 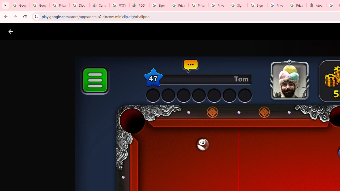 I want to click on 'PDD Holdings Inc - ADR (PDD) Price & News - Google Finance', so click(x=139, y=5).